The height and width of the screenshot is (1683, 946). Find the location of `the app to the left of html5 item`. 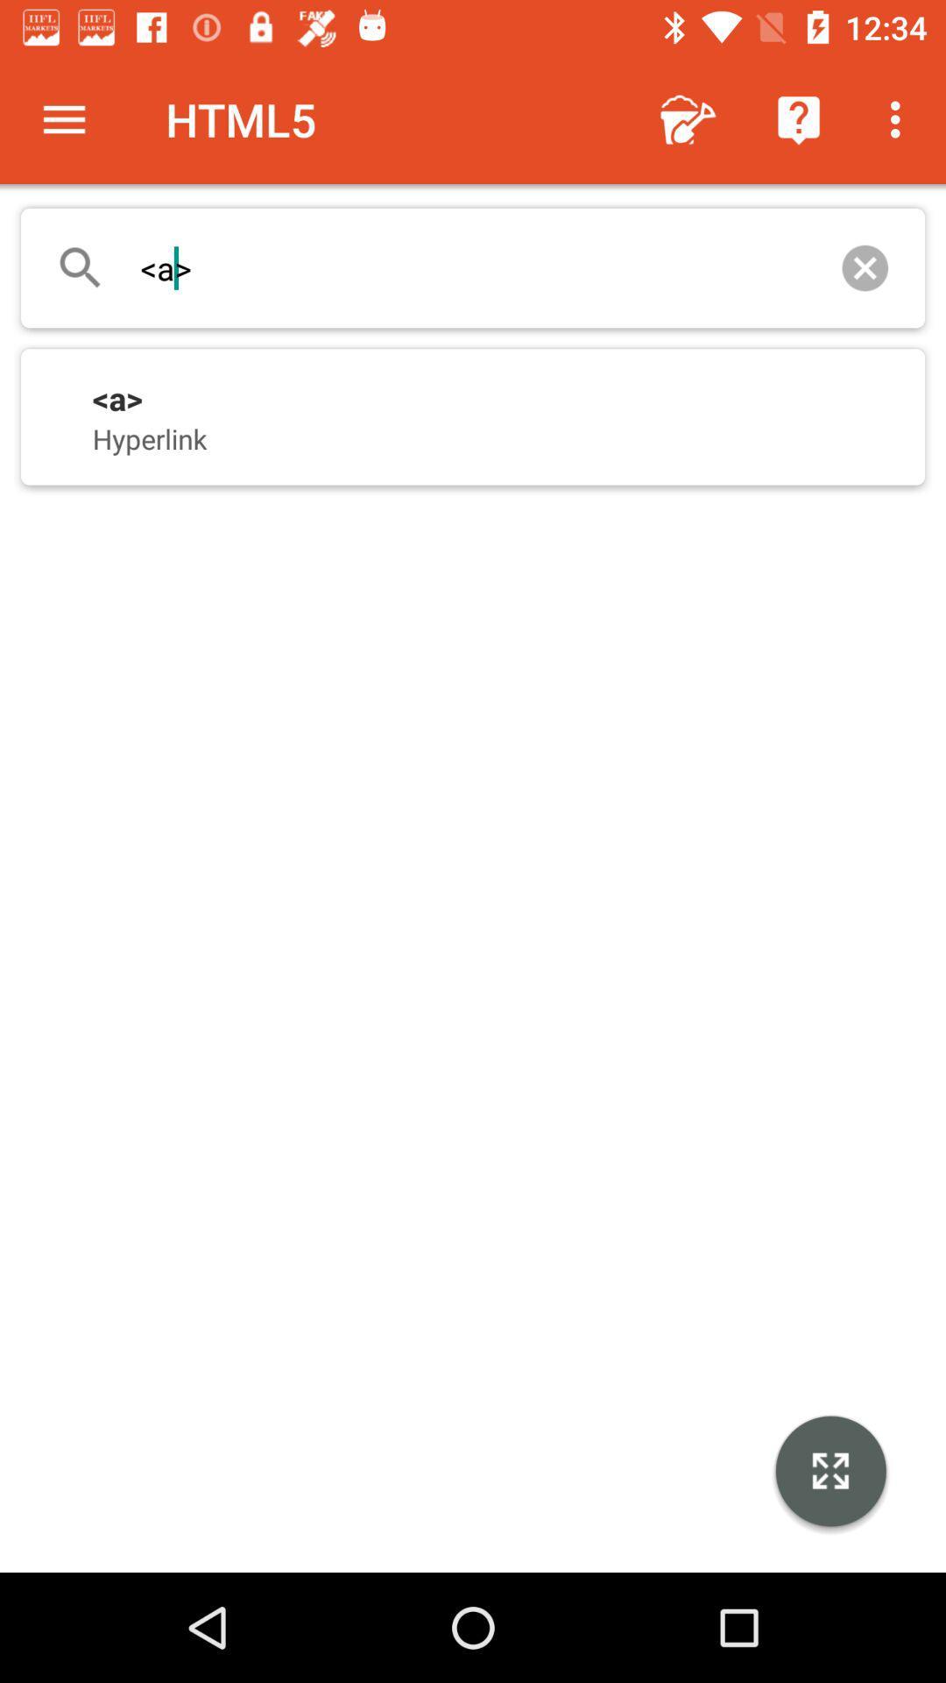

the app to the left of html5 item is located at coordinates (63, 118).